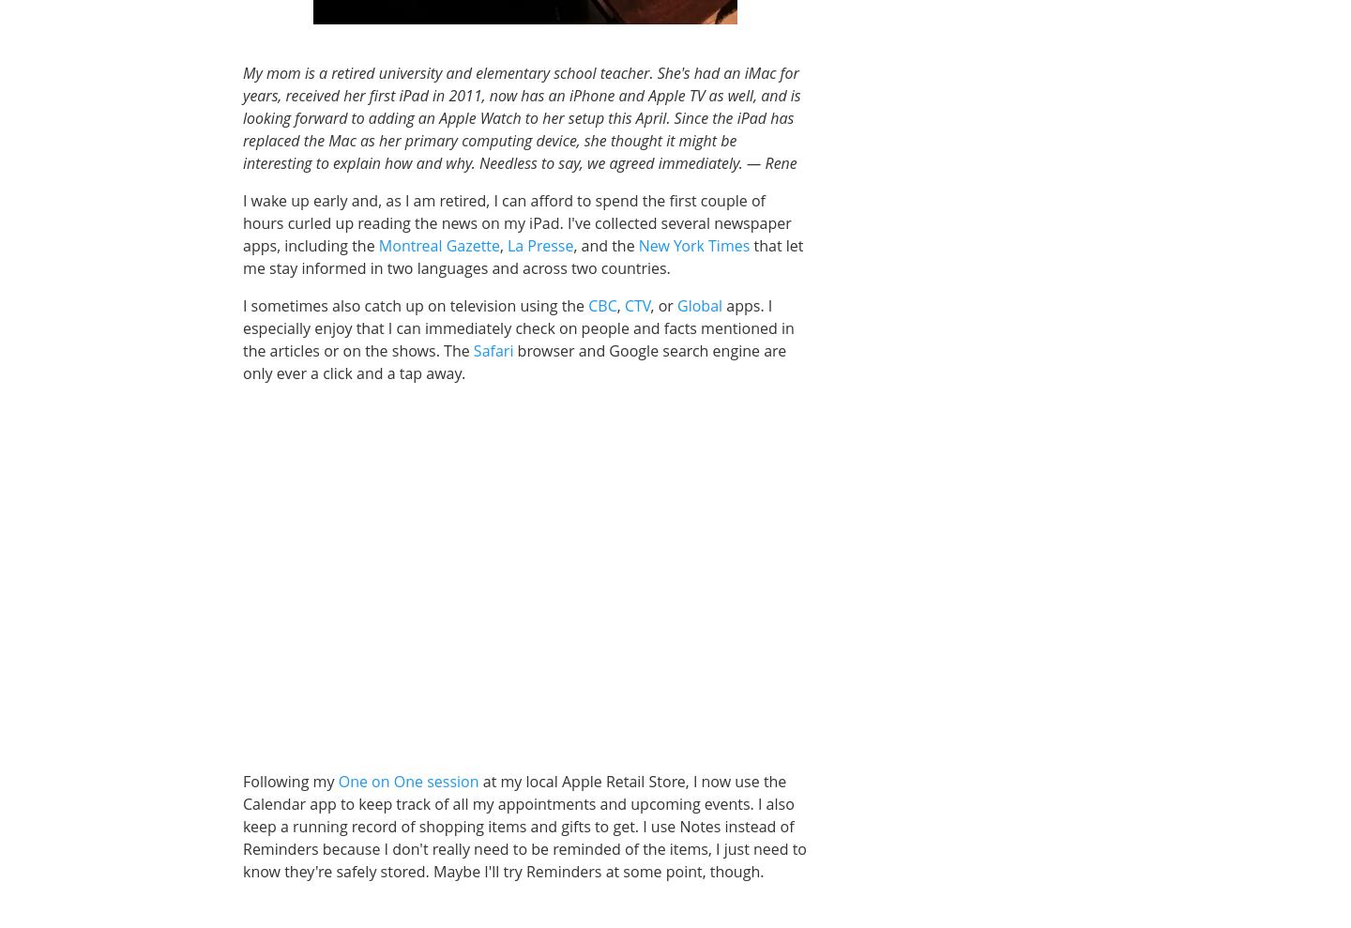  Describe the element at coordinates (242, 825) in the screenshot. I see `'at my local Apple Retail Store, I now use the Calendar app to keep track of all my appointments and upcoming events. I also keep a running record of shopping items and gifts to get. I use Notes instead of Reminders because I don't really need to be reminded of the items, I just need to know they're safely stored. Maybe I'll try Reminders at some point, though.'` at that location.